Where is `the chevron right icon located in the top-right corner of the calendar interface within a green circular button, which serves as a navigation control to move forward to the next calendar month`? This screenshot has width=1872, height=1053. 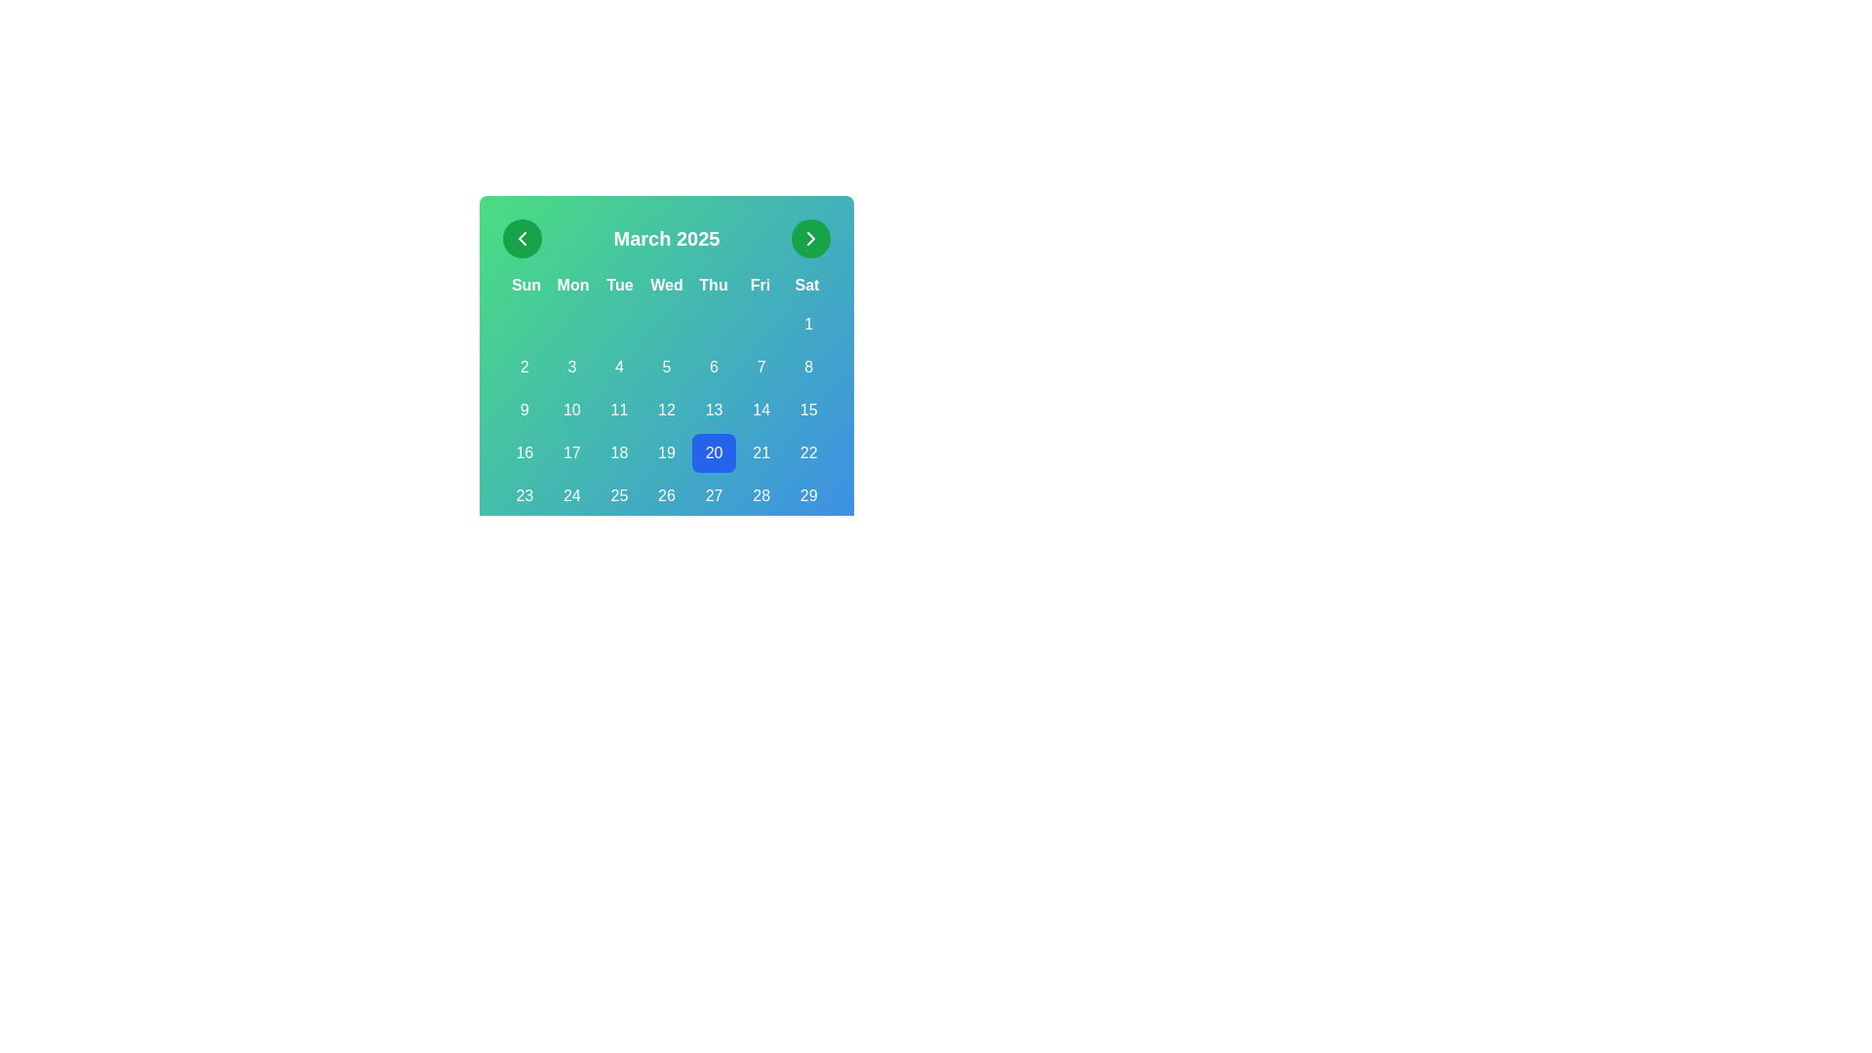
the chevron right icon located in the top-right corner of the calendar interface within a green circular button, which serves as a navigation control to move forward to the next calendar month is located at coordinates (810, 238).